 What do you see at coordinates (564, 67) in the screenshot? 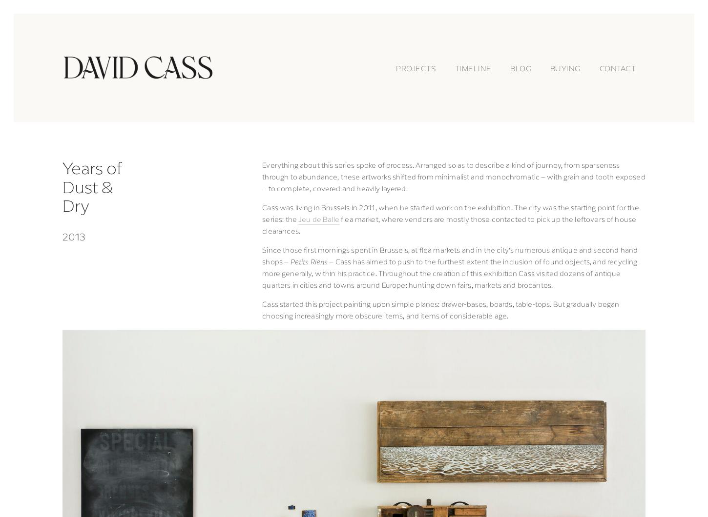
I see `'Buying'` at bounding box center [564, 67].